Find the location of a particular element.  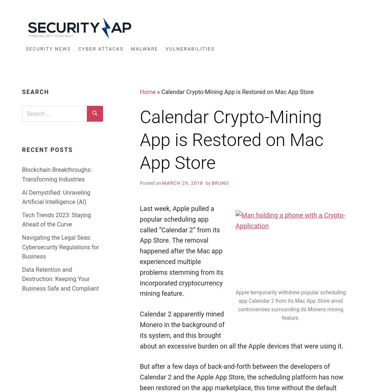

'Tech Trends 2023: Staying Ahead of the Curve' is located at coordinates (56, 219).